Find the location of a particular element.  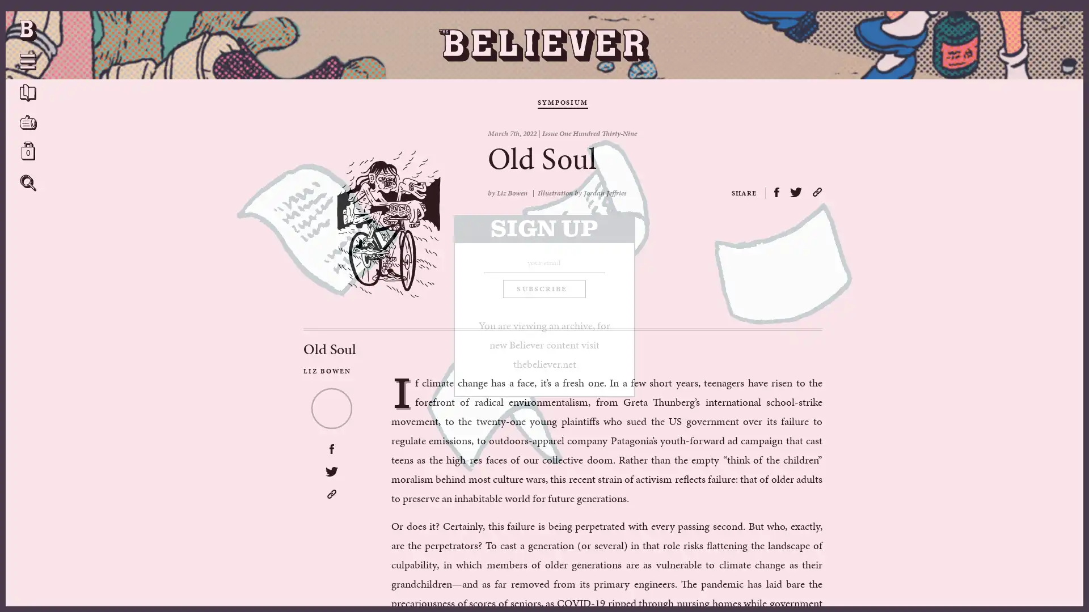

SUBSCRIBE is located at coordinates (543, 288).